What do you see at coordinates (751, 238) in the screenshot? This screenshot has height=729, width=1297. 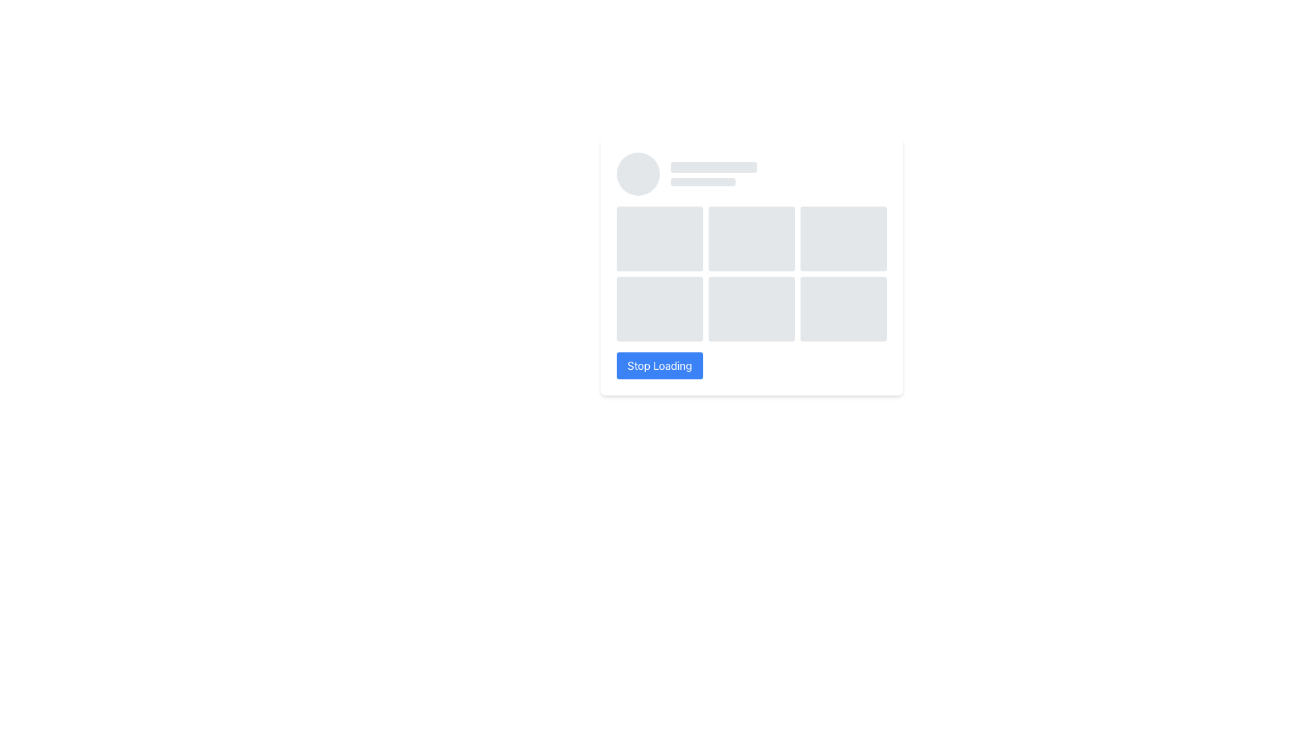 I see `the second placeholder in the first row, which is a rectangular element with a gray fill and rounded corners` at bounding box center [751, 238].